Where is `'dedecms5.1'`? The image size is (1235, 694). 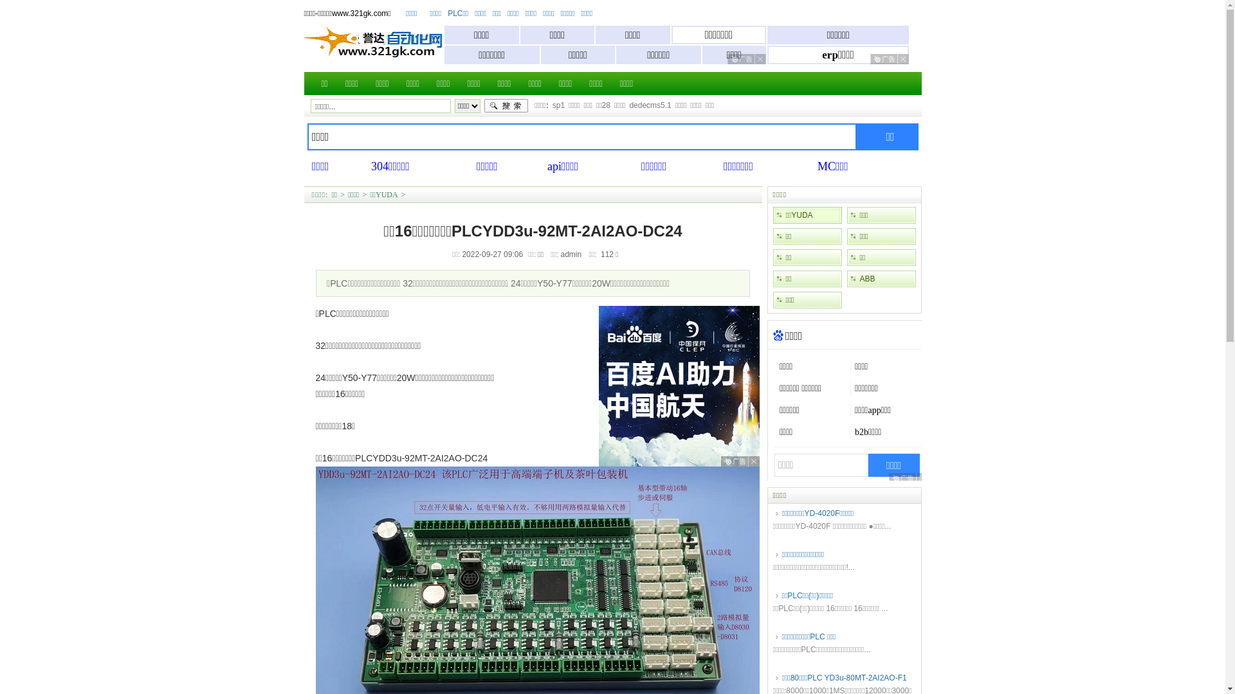
'dedecms5.1' is located at coordinates (629, 105).